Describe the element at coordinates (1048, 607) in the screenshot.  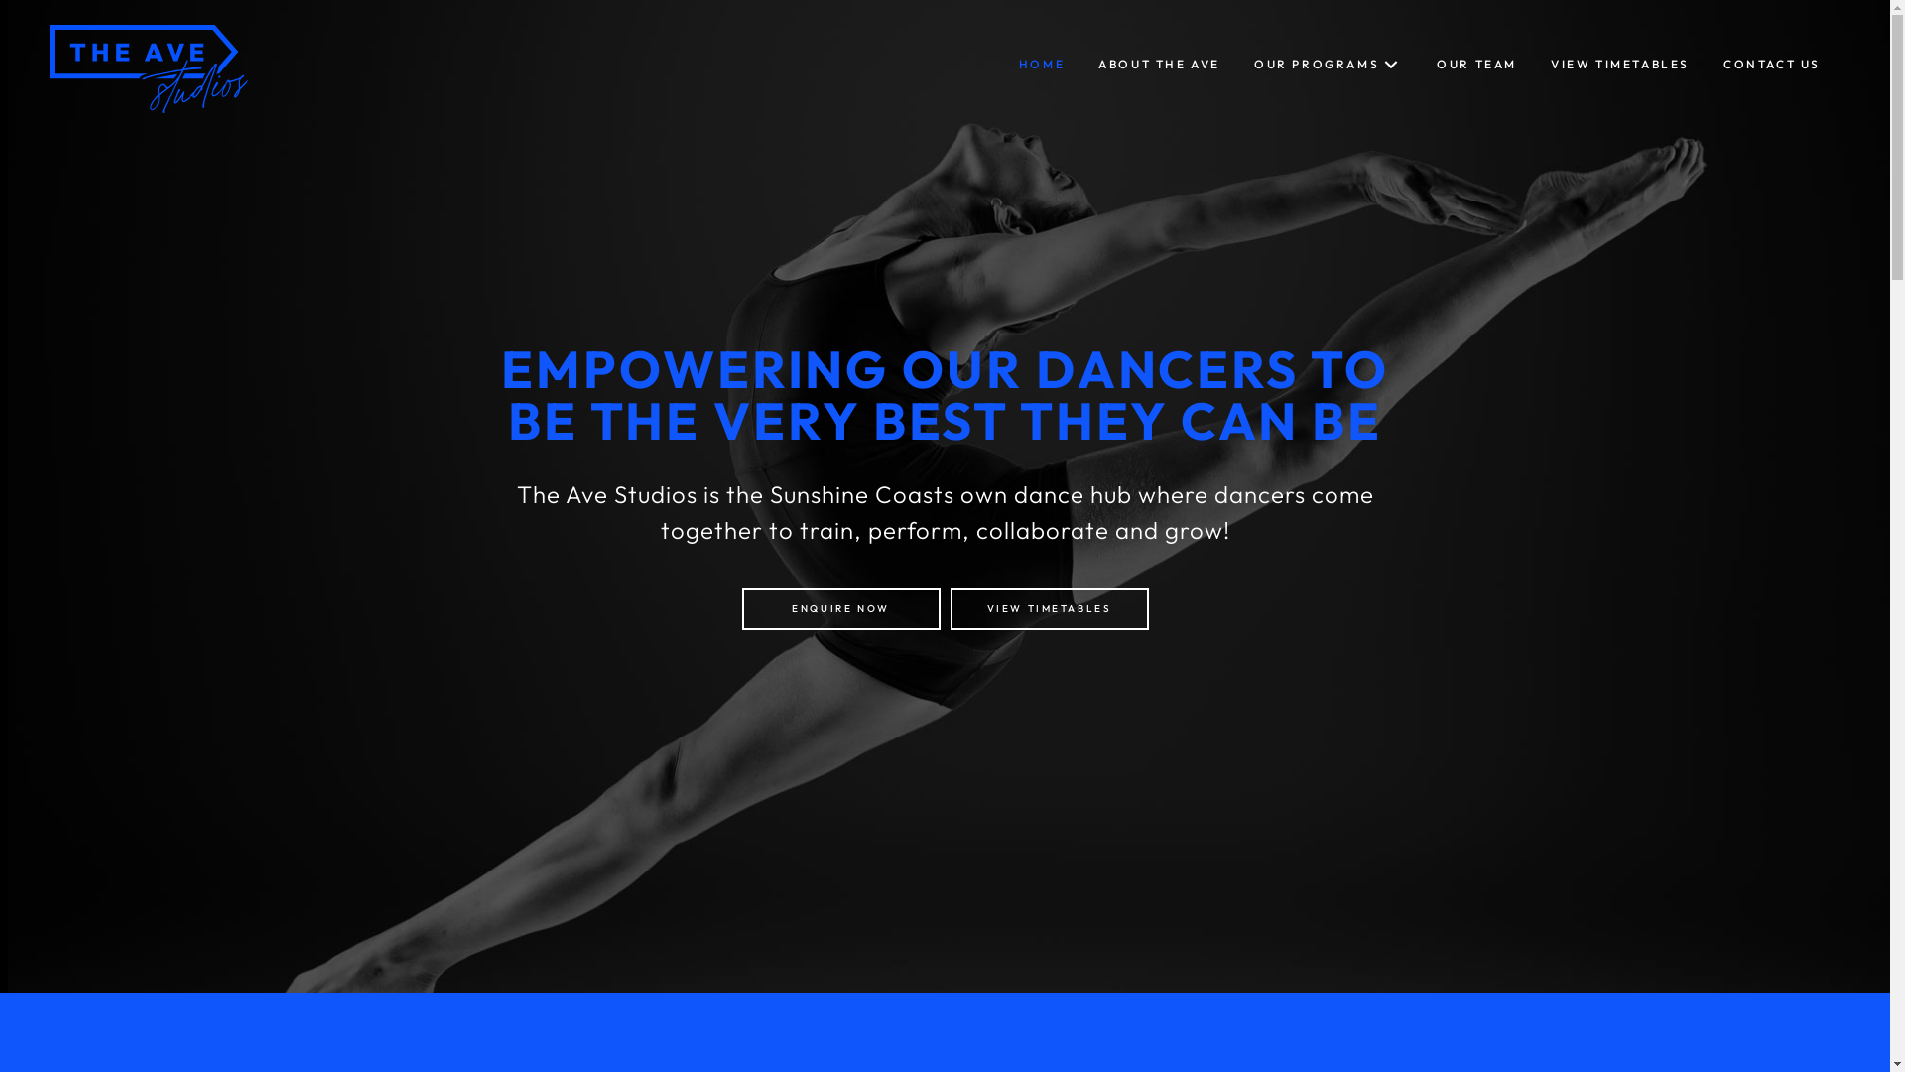
I see `'VIEW TIMETABLES'` at that location.